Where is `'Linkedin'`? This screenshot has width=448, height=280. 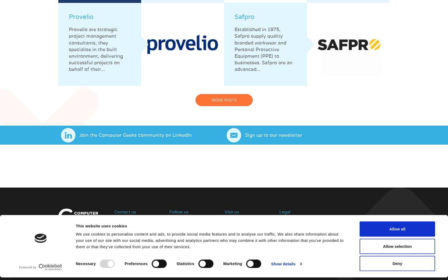 'Linkedin' is located at coordinates (177, 229).